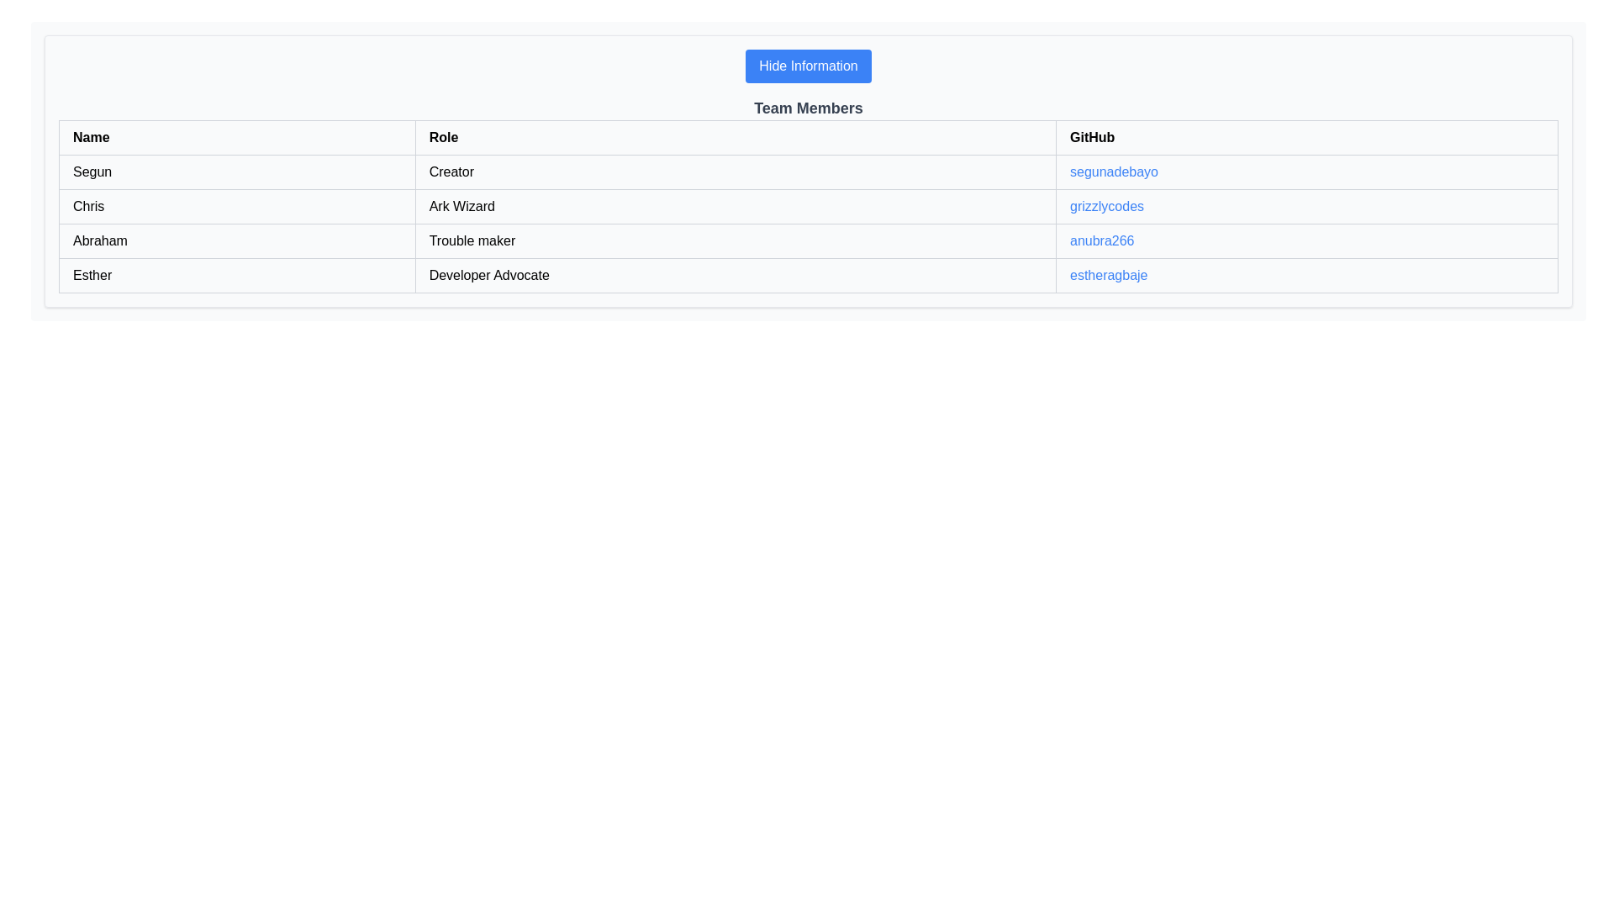 The image size is (1614, 908). I want to click on the hyperlink 'estheragbaje' in the GitHub column of the table, so click(1109, 274).